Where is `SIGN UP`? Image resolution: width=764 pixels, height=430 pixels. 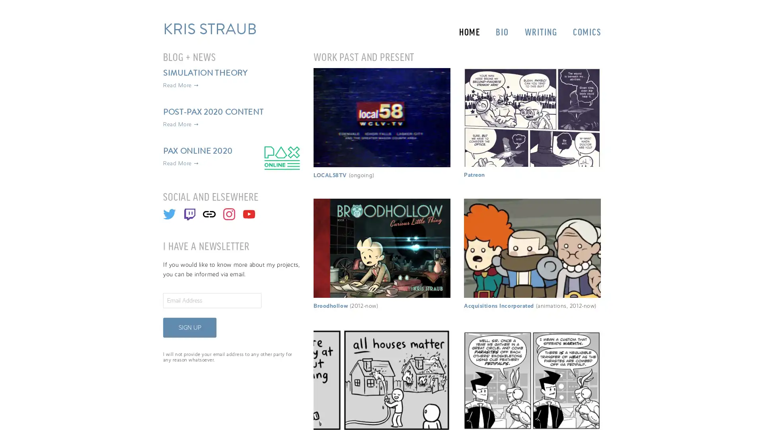
SIGN UP is located at coordinates (189, 327).